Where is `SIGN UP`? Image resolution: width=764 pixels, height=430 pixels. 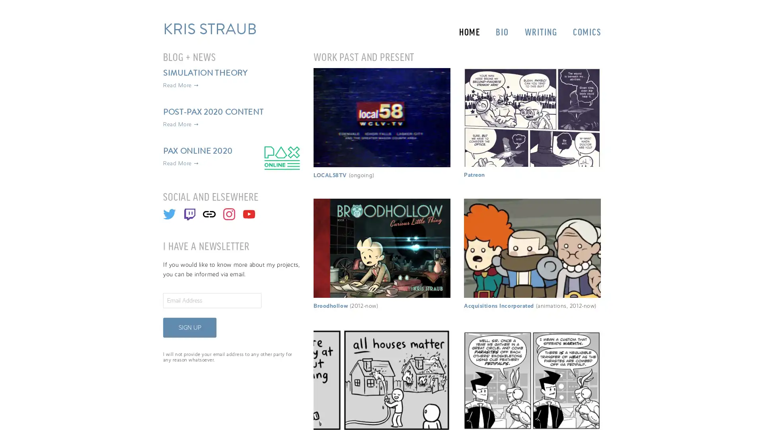
SIGN UP is located at coordinates (189, 327).